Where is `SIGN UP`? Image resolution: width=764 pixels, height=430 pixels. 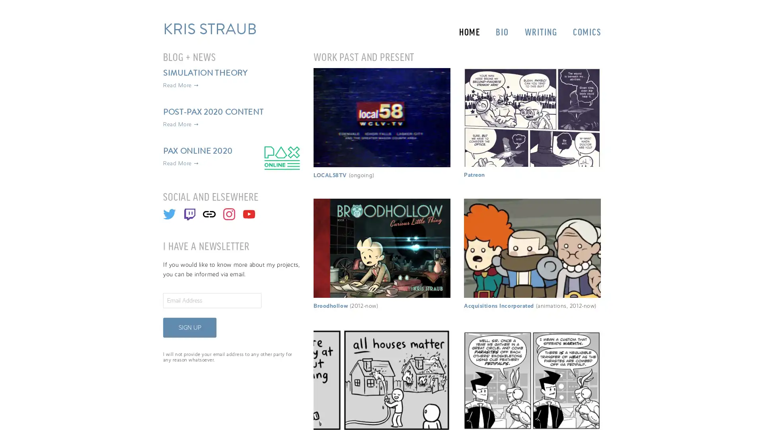
SIGN UP is located at coordinates (189, 327).